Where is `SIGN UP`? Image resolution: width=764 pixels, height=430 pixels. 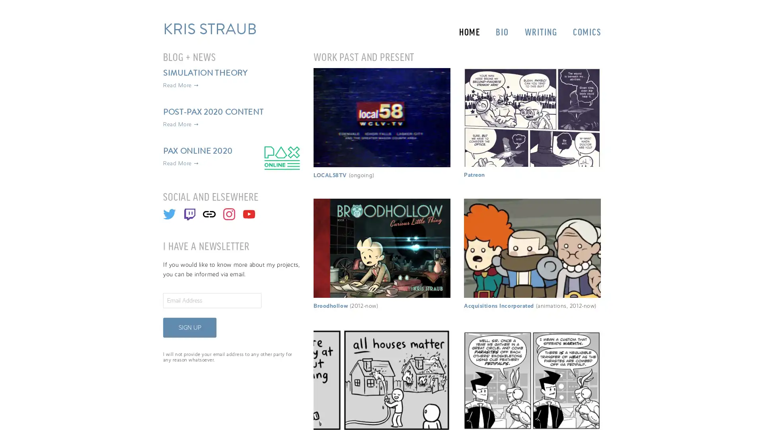
SIGN UP is located at coordinates (189, 327).